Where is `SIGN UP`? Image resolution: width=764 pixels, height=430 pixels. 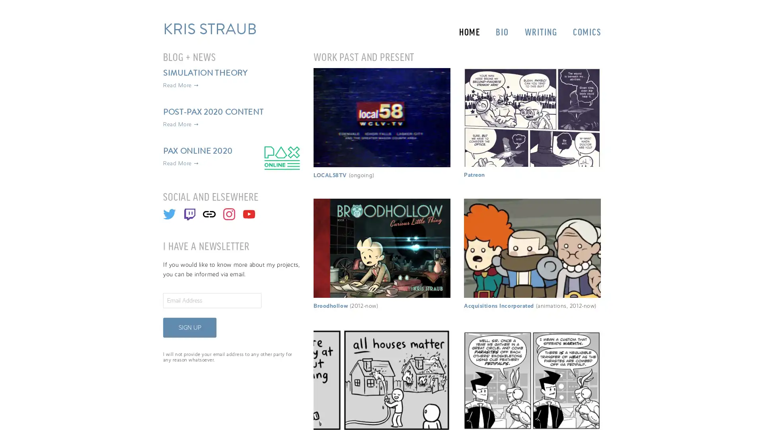
SIGN UP is located at coordinates (189, 327).